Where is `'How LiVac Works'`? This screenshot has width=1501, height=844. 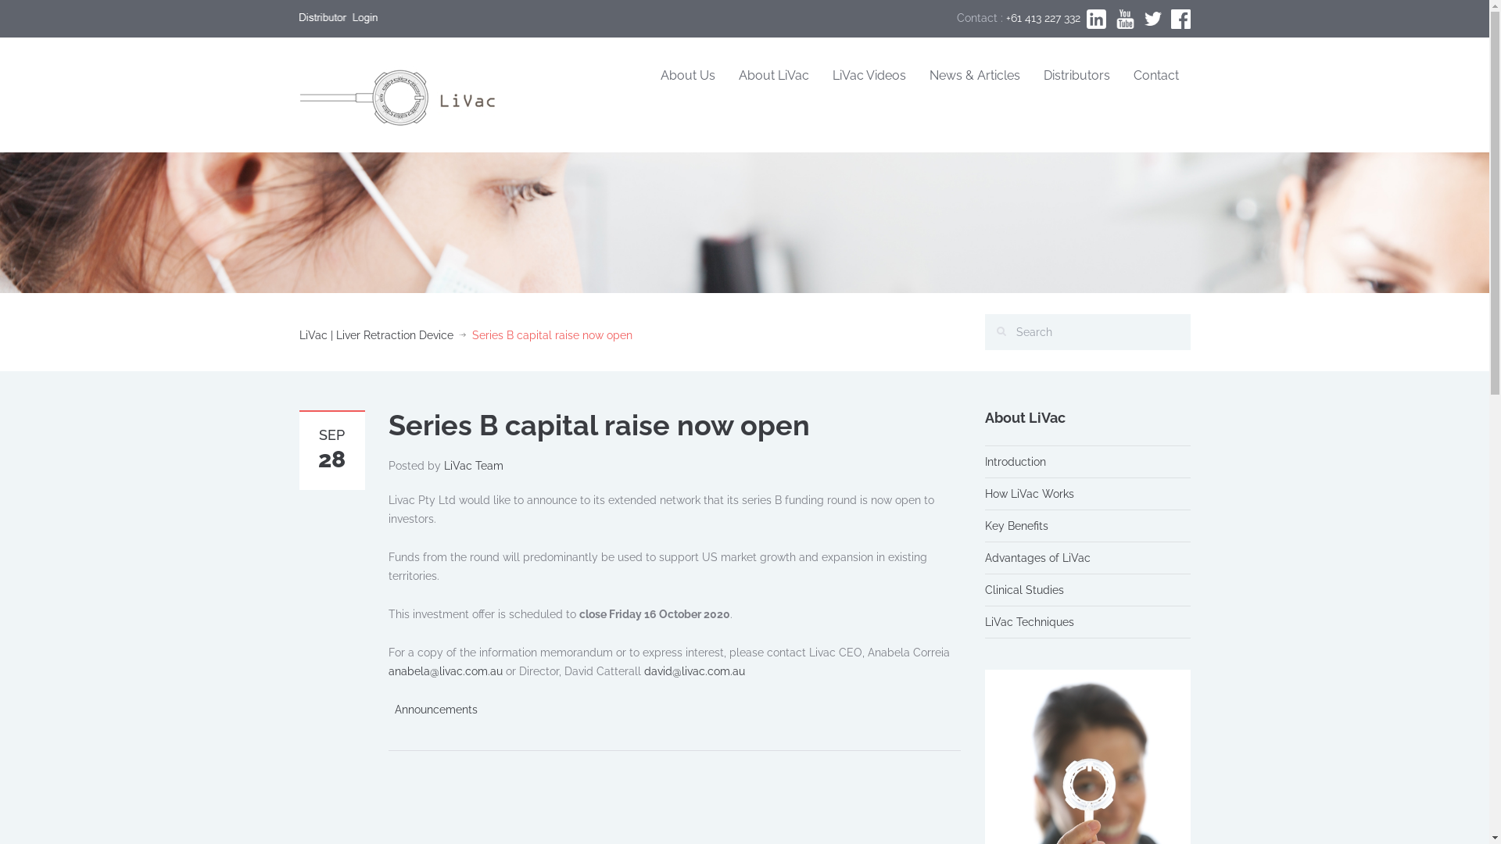
'How LiVac Works' is located at coordinates (1029, 494).